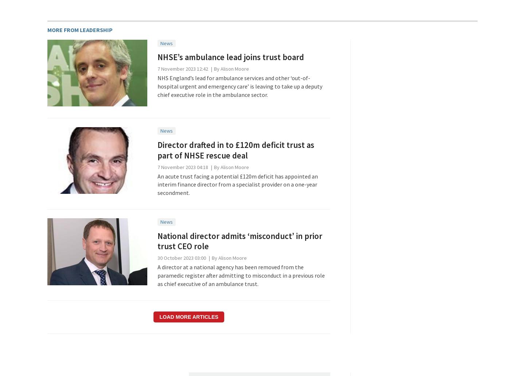 The height and width of the screenshot is (376, 525). What do you see at coordinates (182, 167) in the screenshot?
I see `'7 November 2023 04:18'` at bounding box center [182, 167].